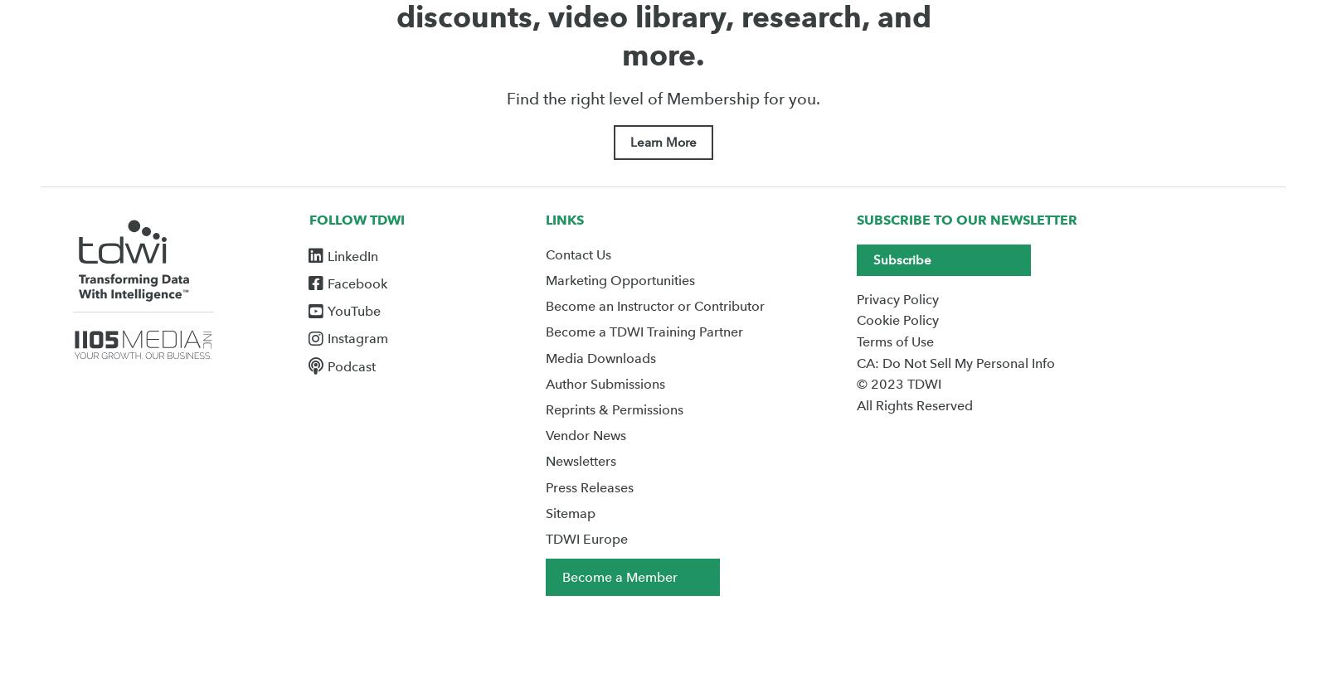 The height and width of the screenshot is (678, 1327). Describe the element at coordinates (654, 306) in the screenshot. I see `'Become an Instructor or Contributor'` at that location.